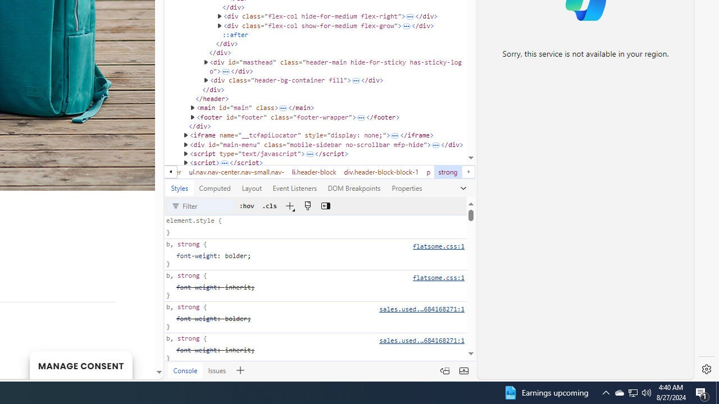 The width and height of the screenshot is (719, 404). I want to click on 'Console', so click(185, 370).